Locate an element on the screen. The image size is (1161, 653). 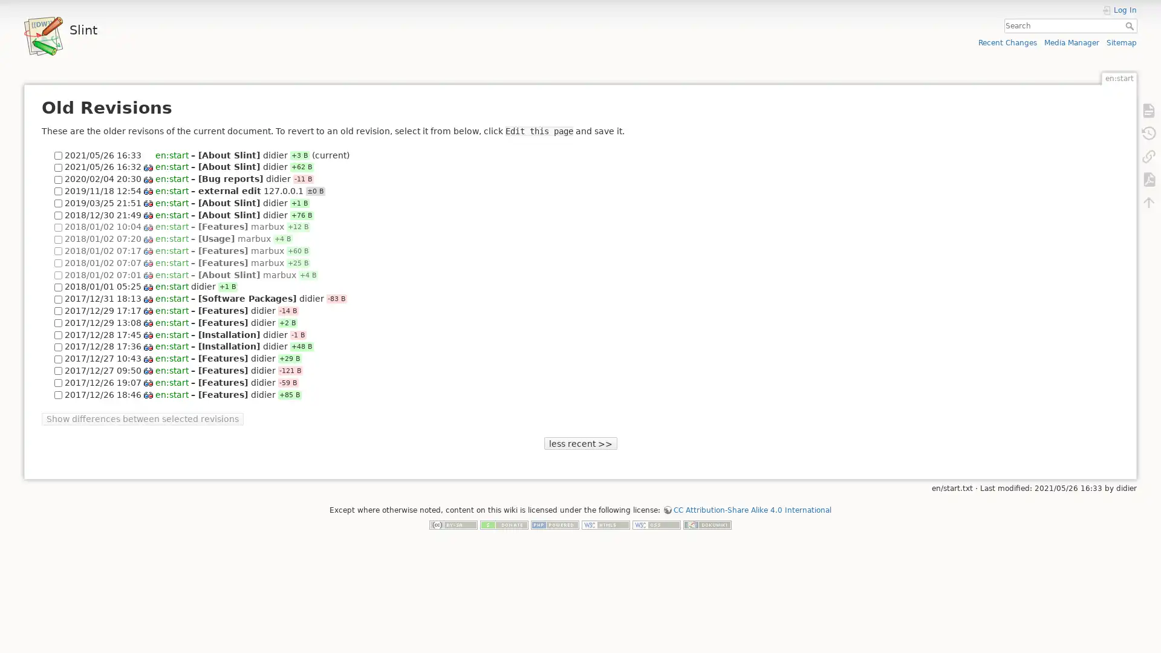
Search is located at coordinates (1130, 25).